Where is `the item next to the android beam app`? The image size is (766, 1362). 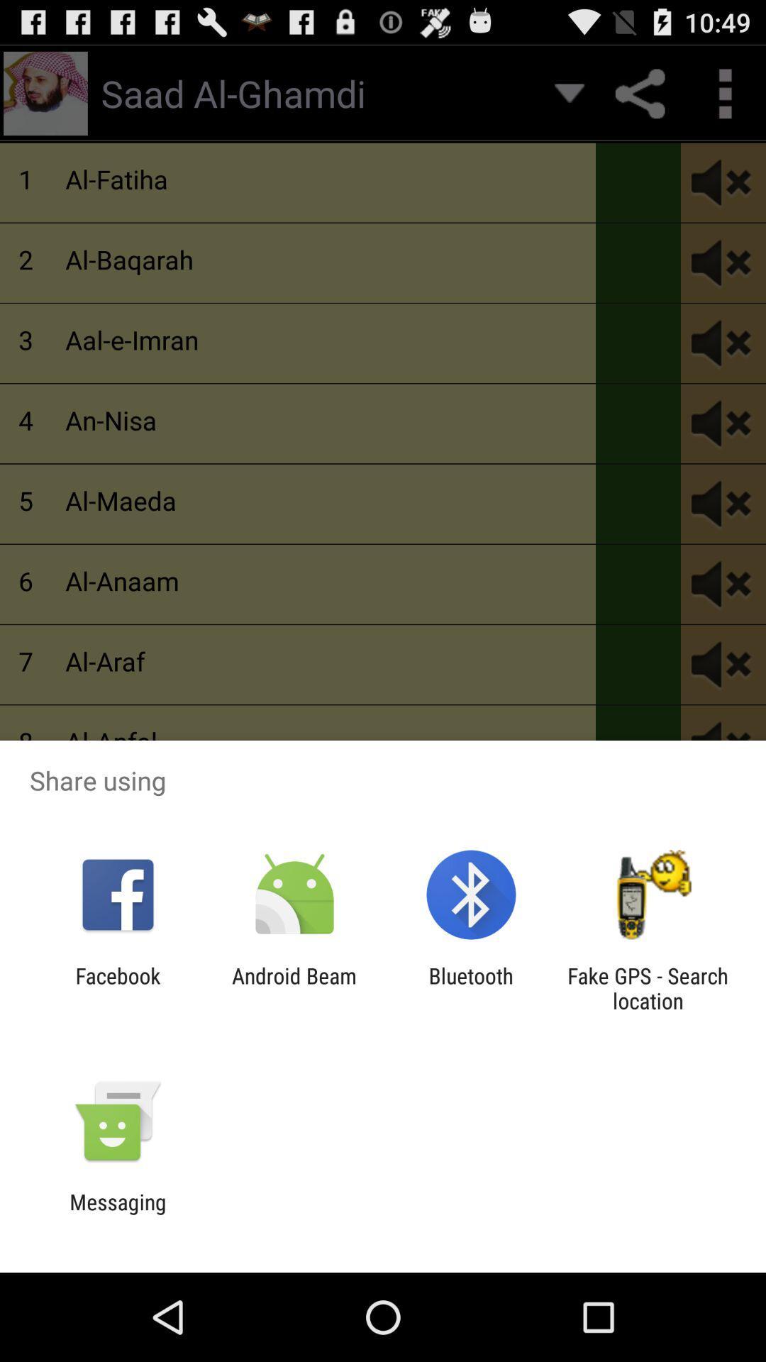
the item next to the android beam app is located at coordinates (471, 987).